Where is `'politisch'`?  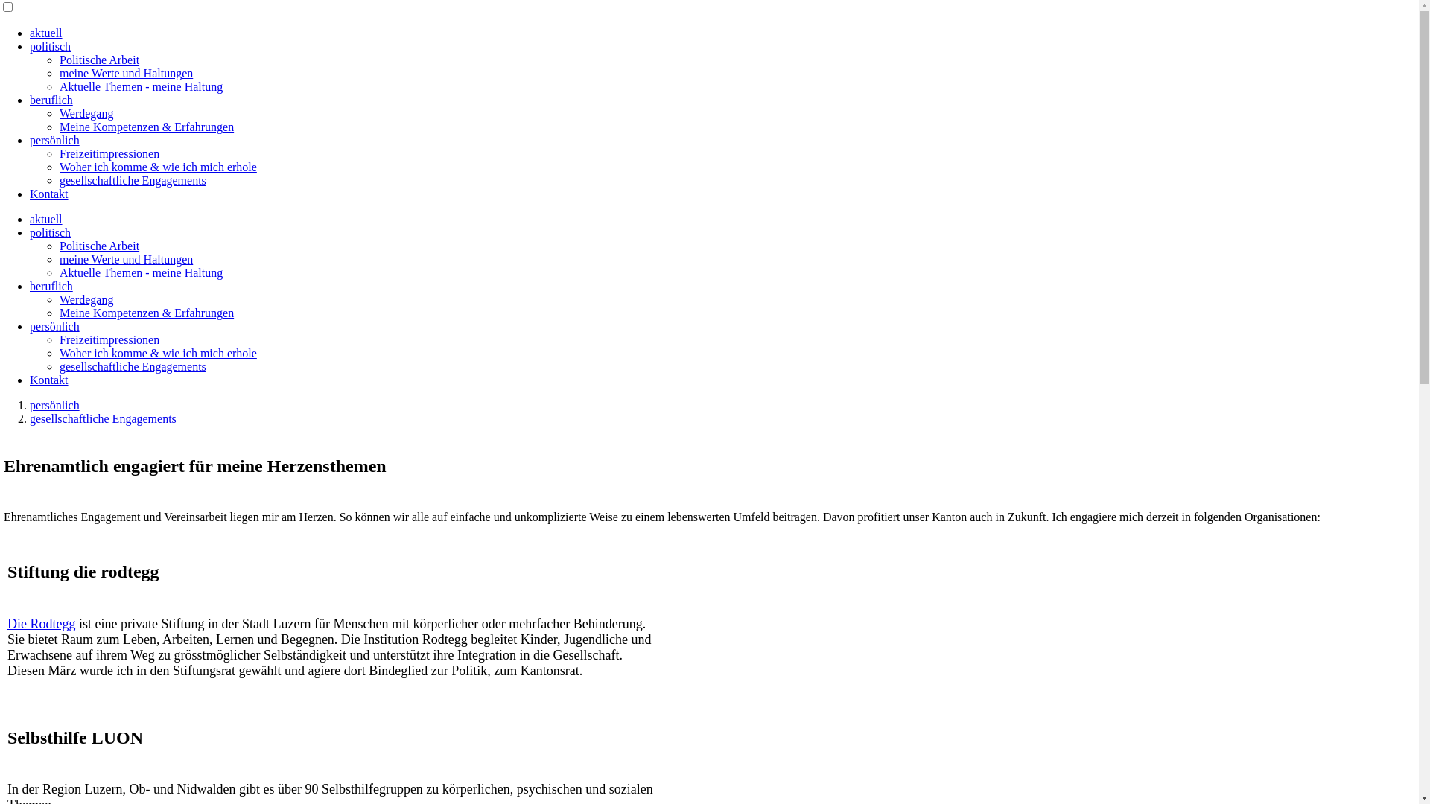 'politisch' is located at coordinates (50, 45).